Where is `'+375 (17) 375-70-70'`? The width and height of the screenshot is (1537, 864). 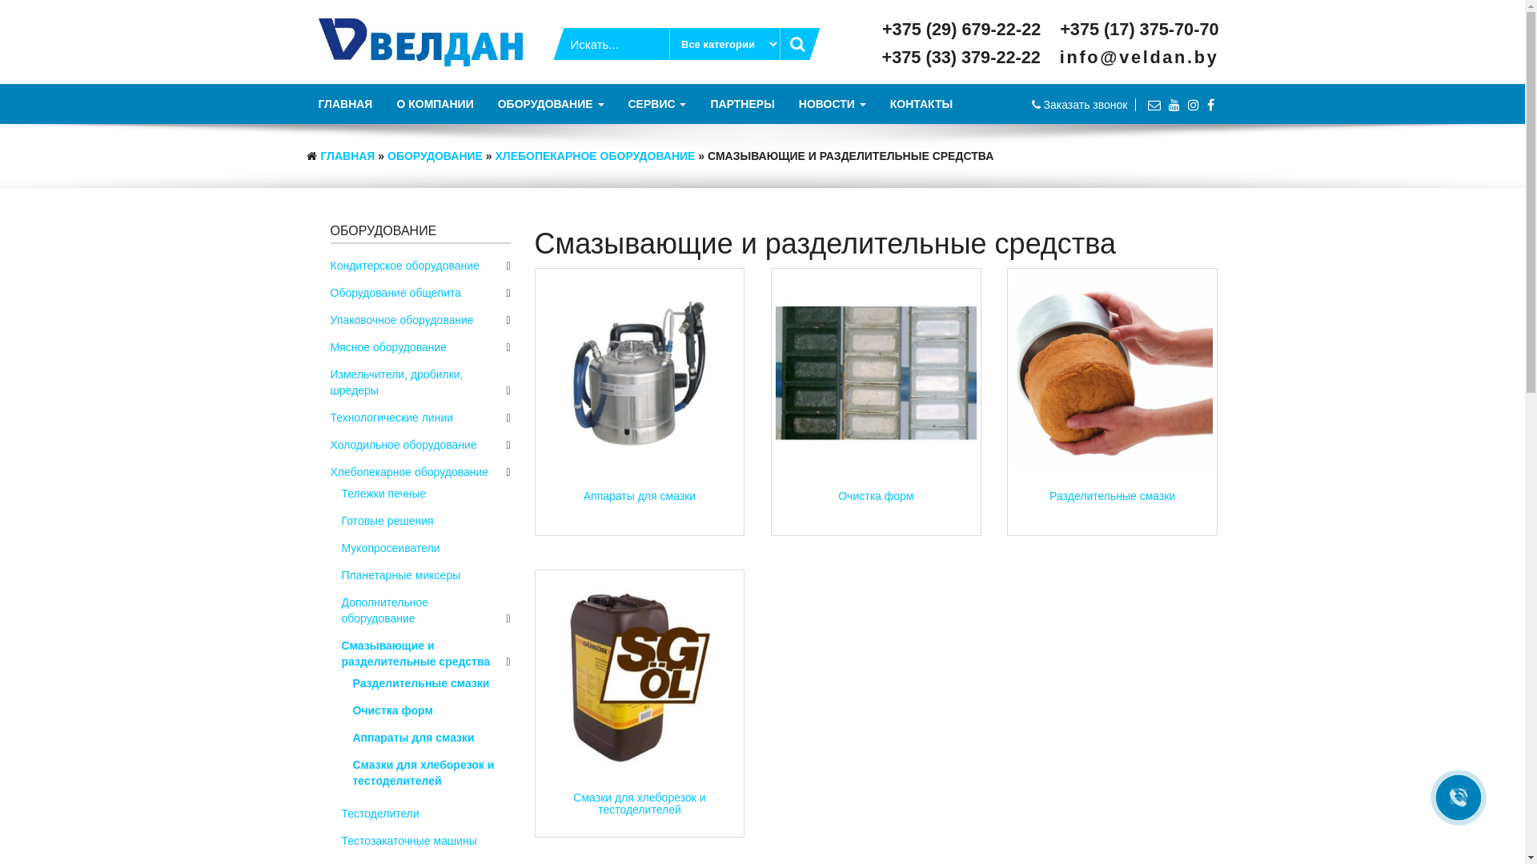
'+375 (17) 375-70-70' is located at coordinates (1060, 29).